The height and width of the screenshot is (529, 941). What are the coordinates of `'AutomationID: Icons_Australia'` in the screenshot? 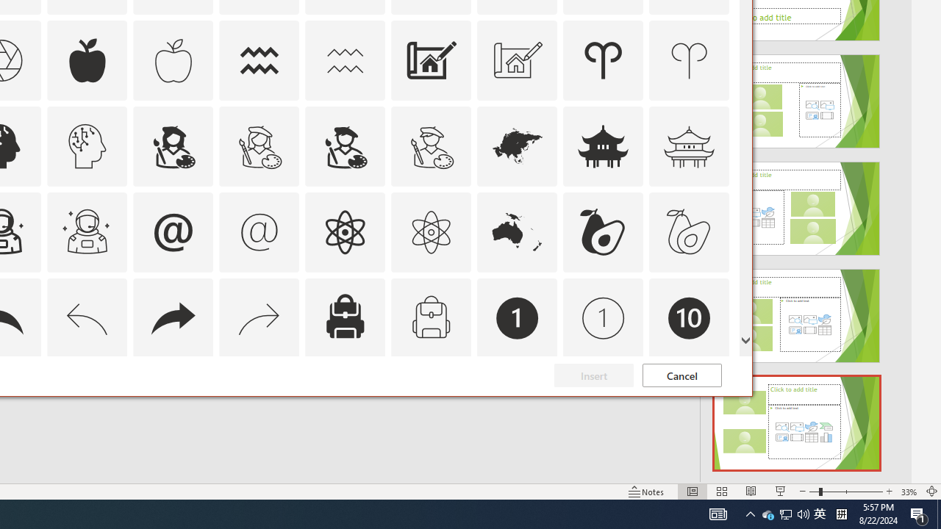 It's located at (518, 231).